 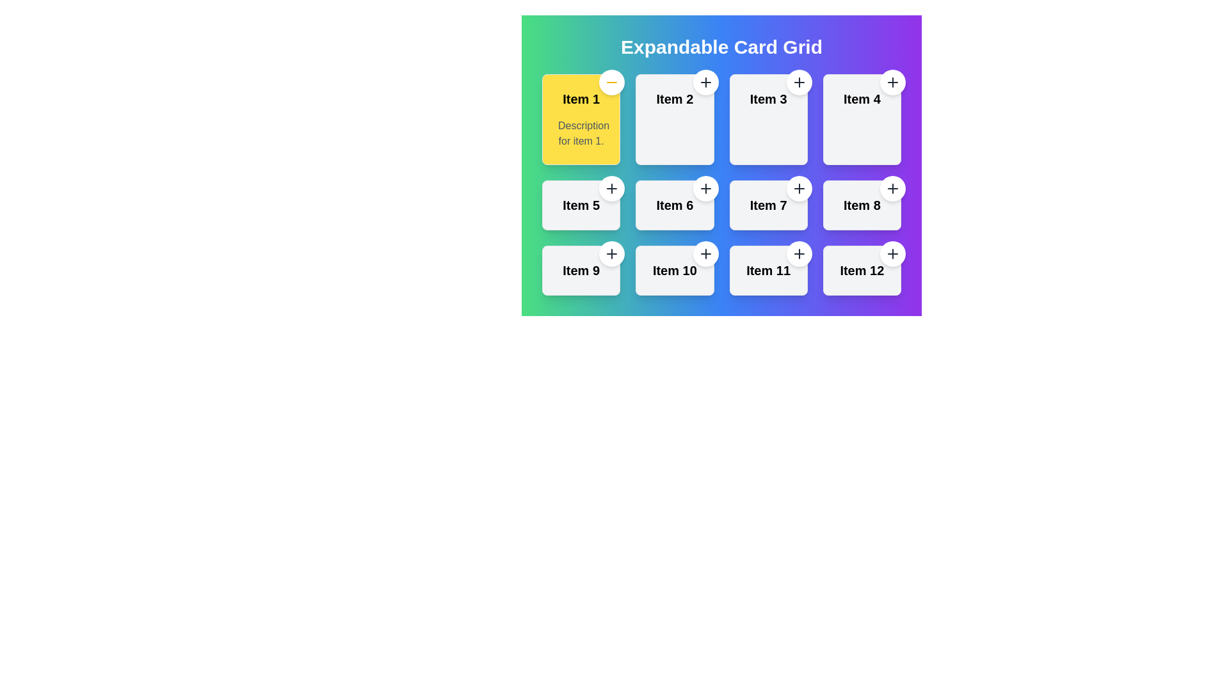 I want to click on the action button located on the right side of 'Item 6', so click(x=705, y=188).